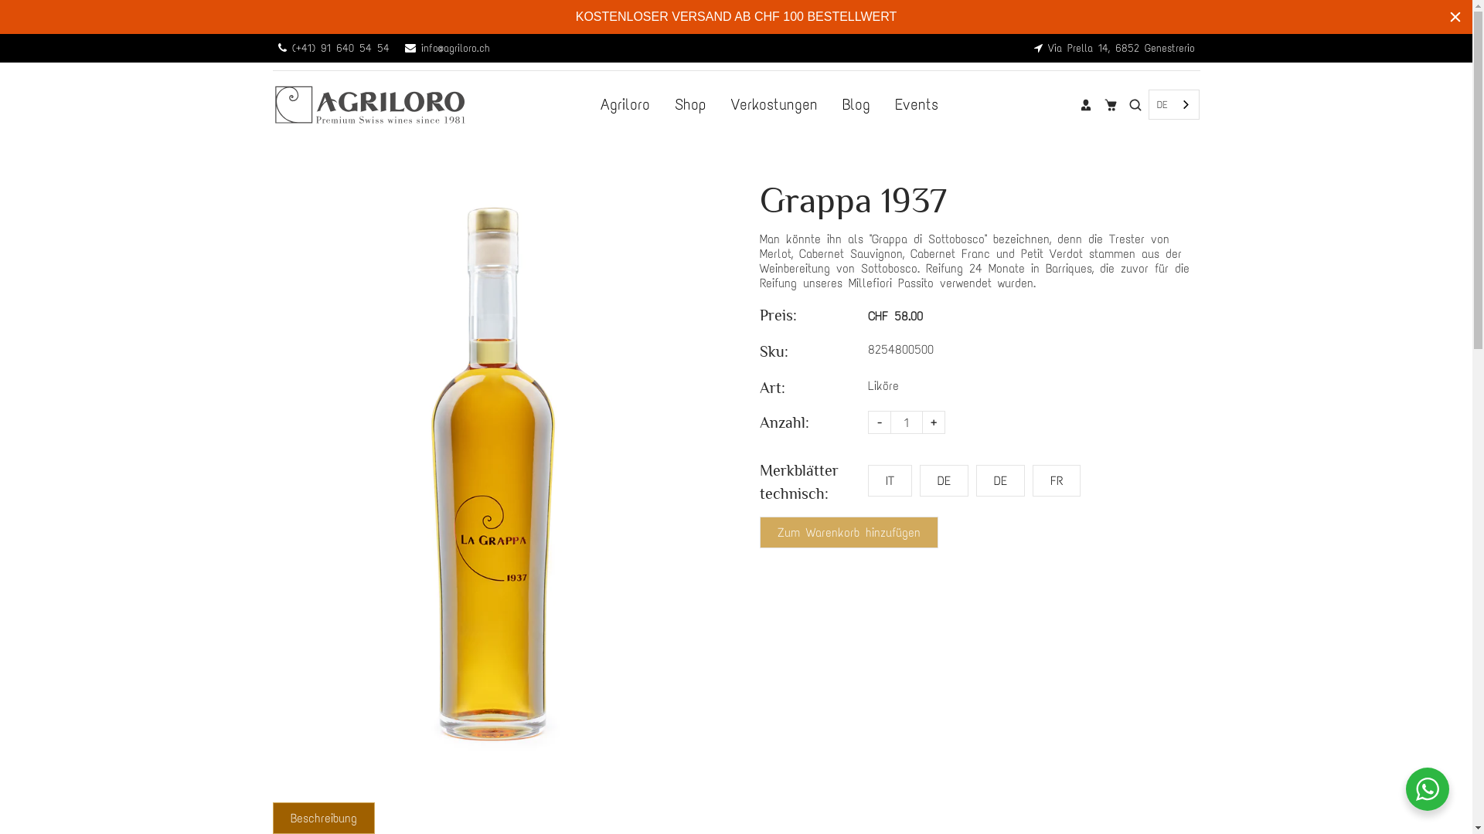 This screenshot has width=1484, height=834. What do you see at coordinates (856, 104) in the screenshot?
I see `'Blog'` at bounding box center [856, 104].